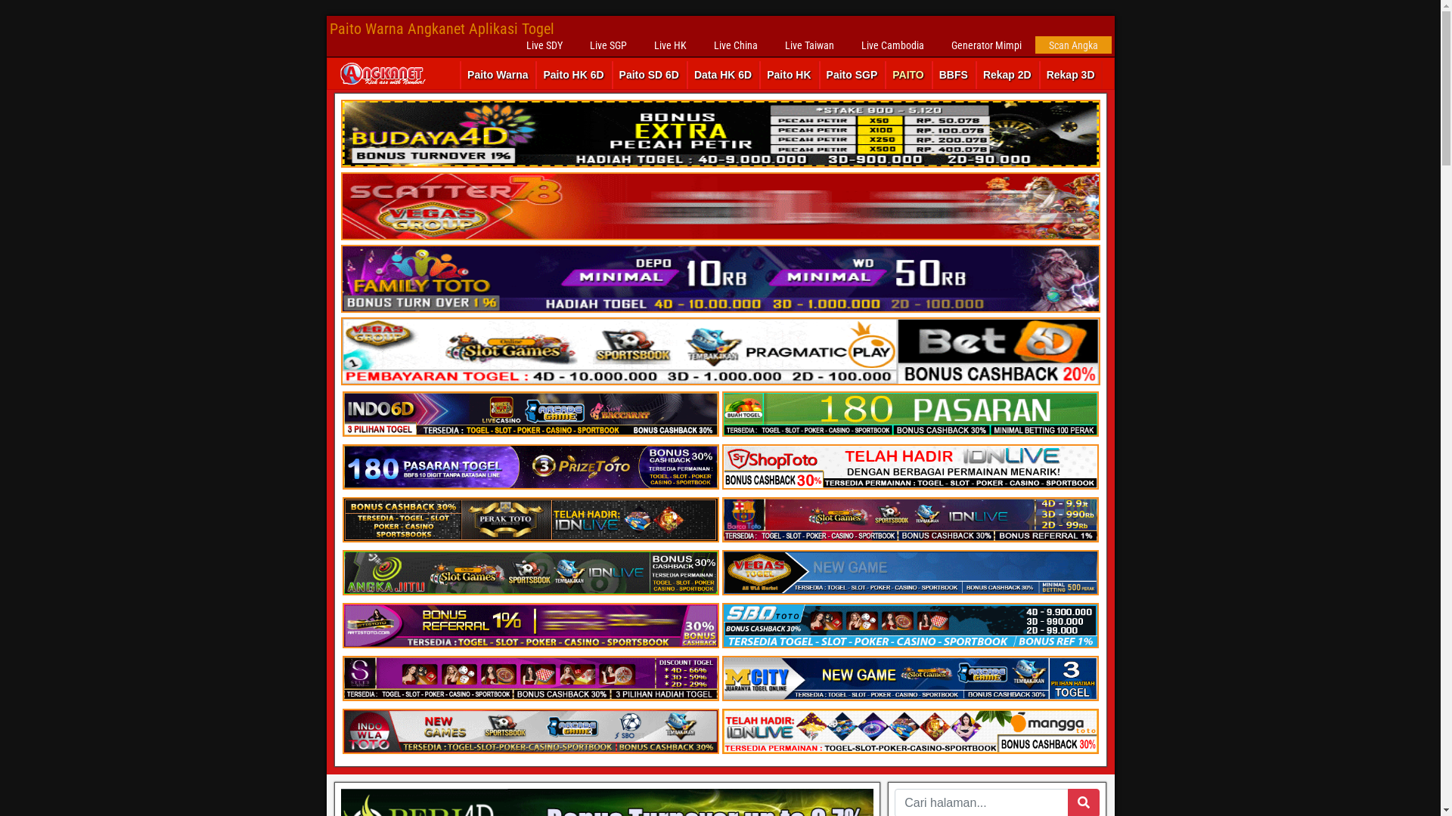  What do you see at coordinates (529, 518) in the screenshot?
I see `'Bandar Judi Online Terpercaya PERAKTOTO'` at bounding box center [529, 518].